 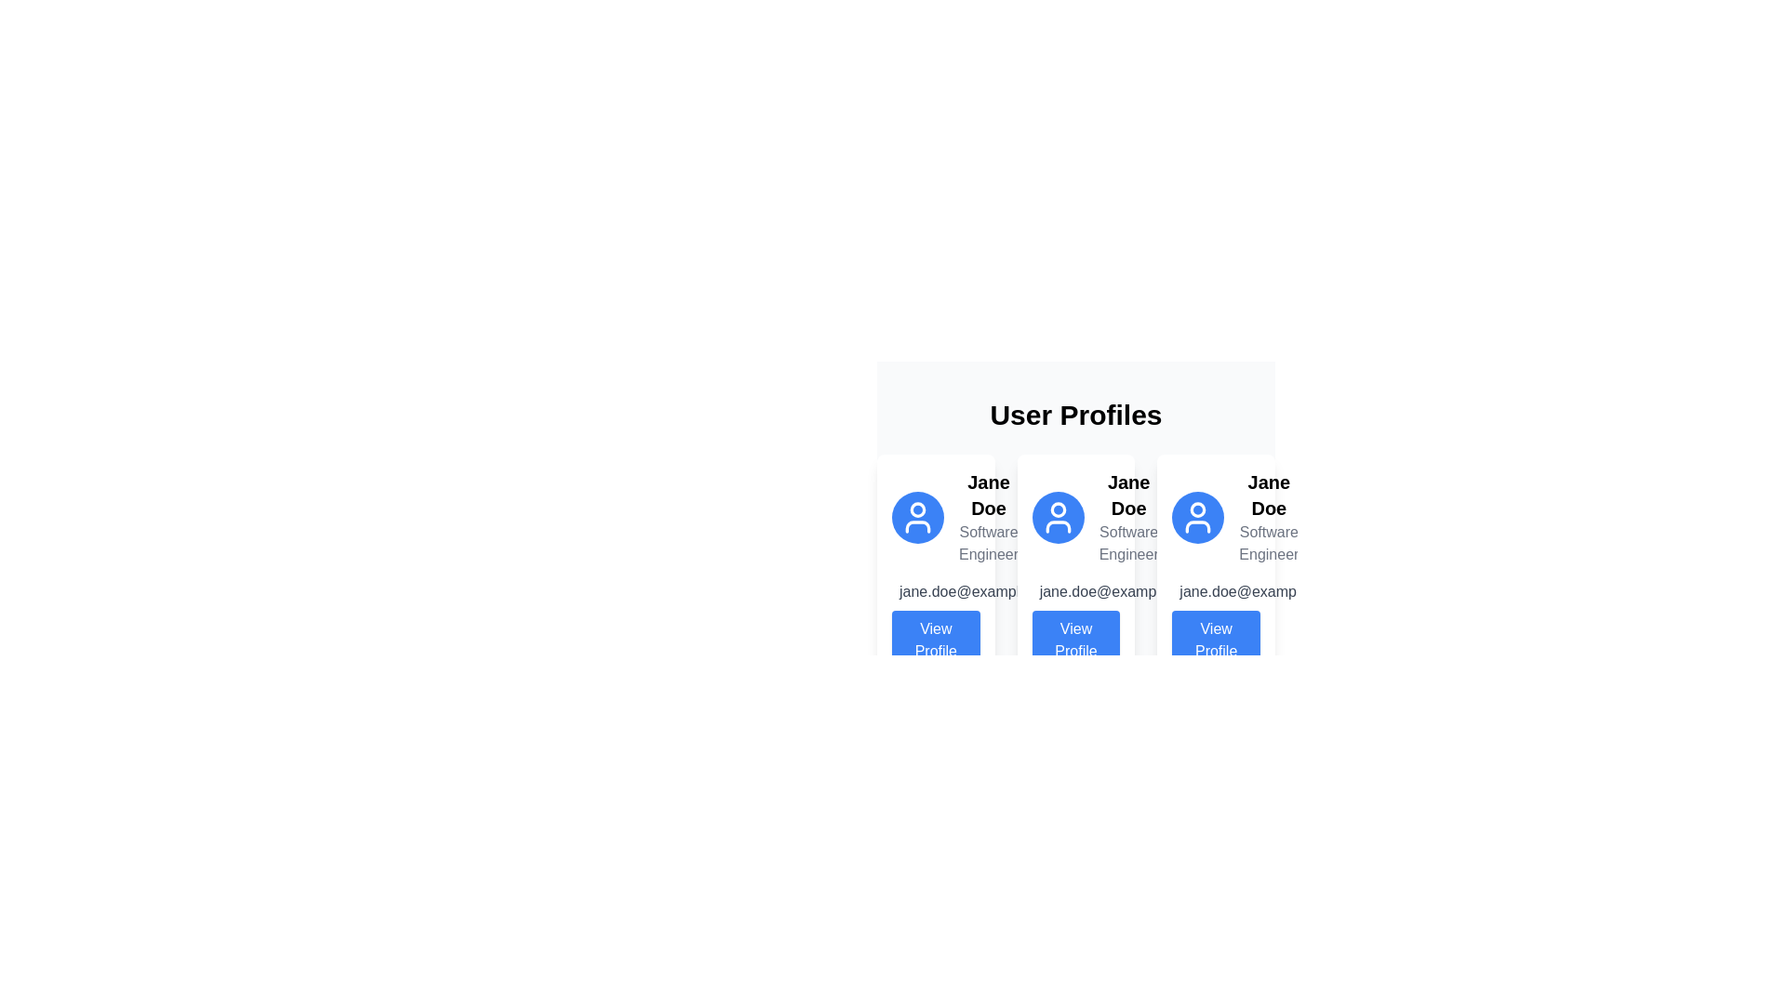 What do you see at coordinates (1127, 544) in the screenshot?
I see `the 'Software Engineer' text label located below the name 'Jane Doe' in the second user profile card from the left` at bounding box center [1127, 544].